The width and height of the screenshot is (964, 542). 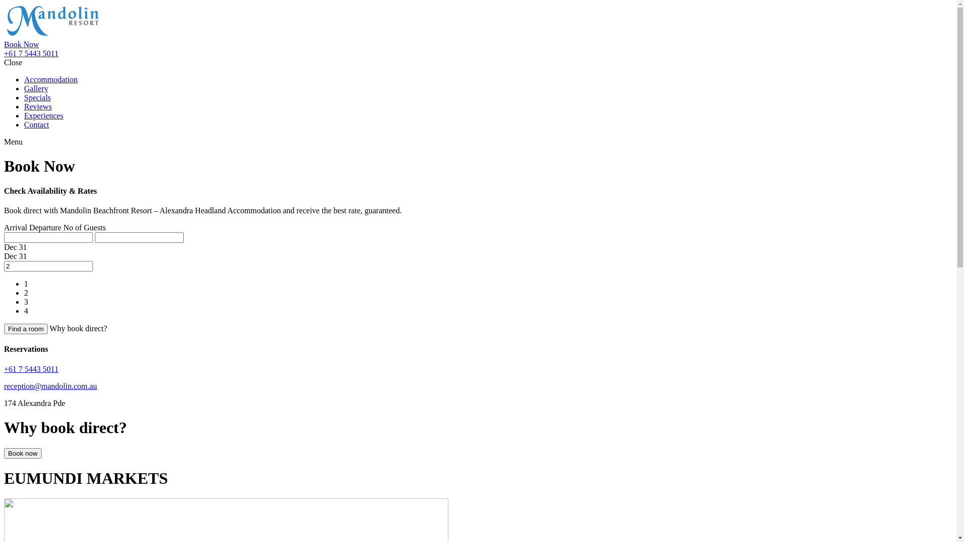 What do you see at coordinates (36, 124) in the screenshot?
I see `'Contact'` at bounding box center [36, 124].